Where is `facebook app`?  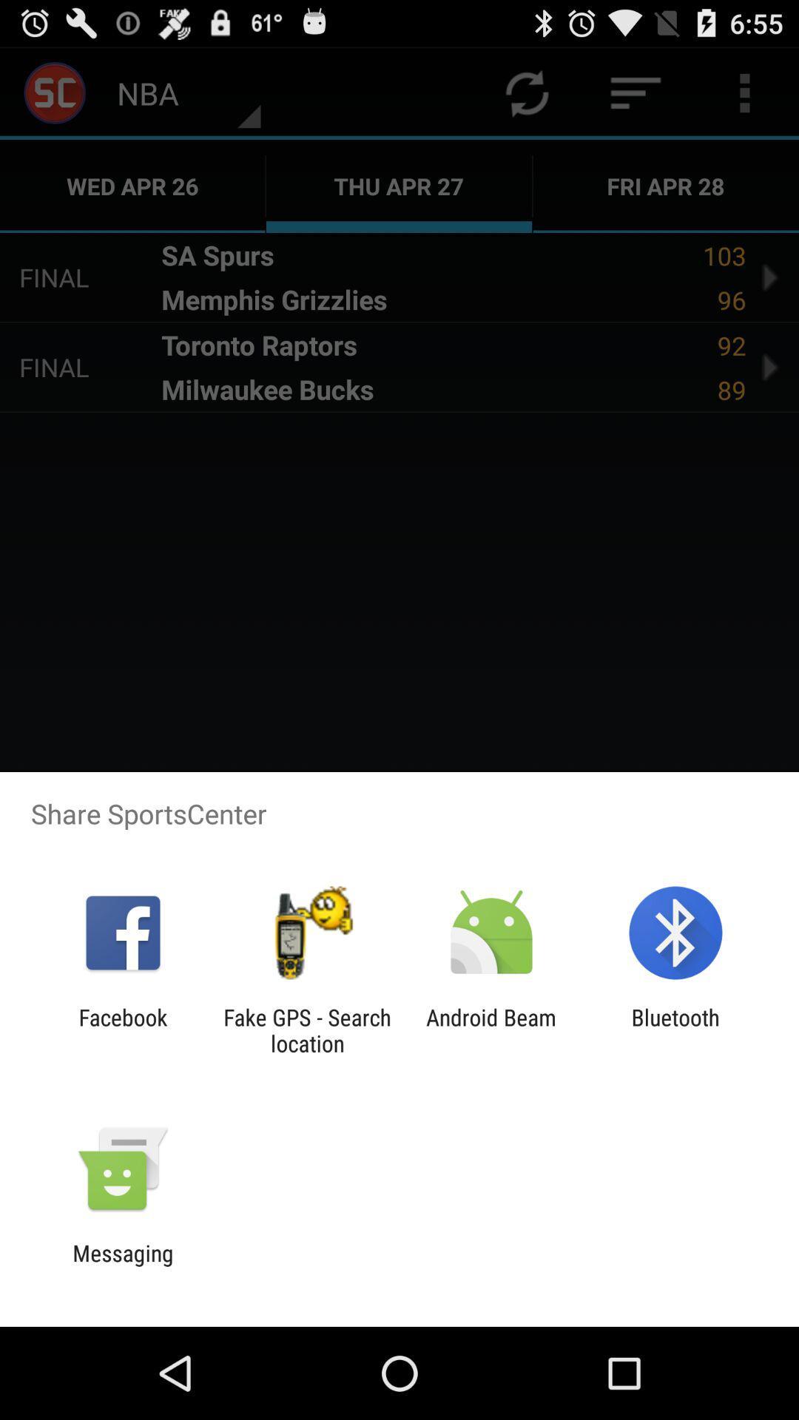
facebook app is located at coordinates (122, 1029).